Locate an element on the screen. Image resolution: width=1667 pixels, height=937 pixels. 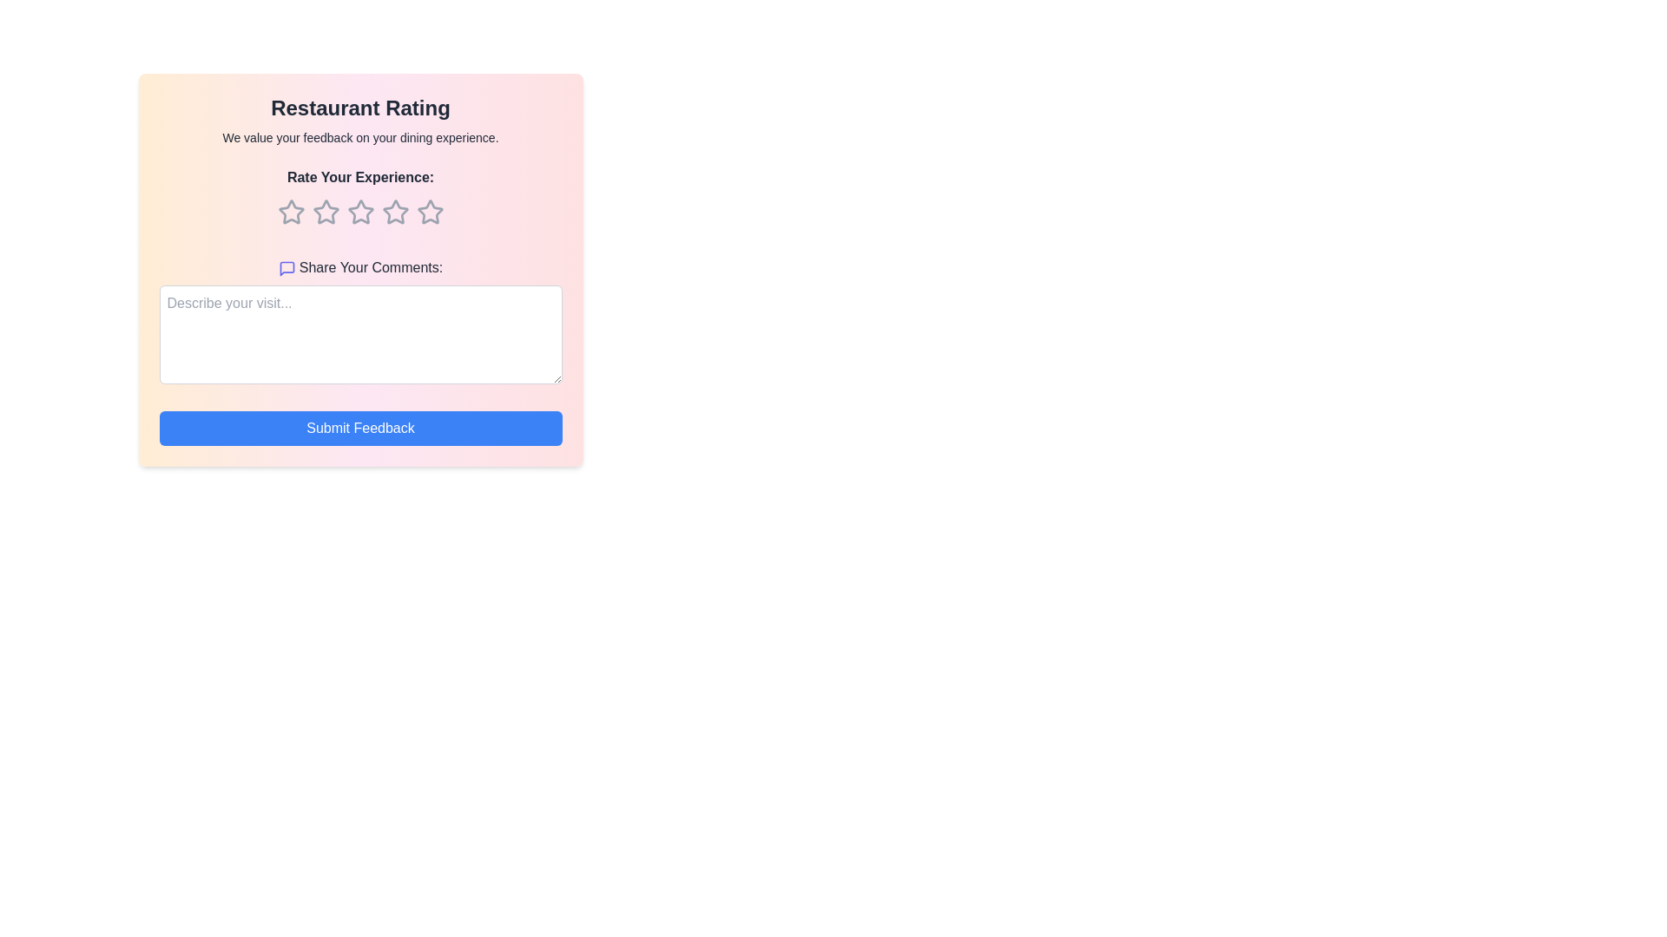
the third gray star icon with a hollow center in the 'Rate Your Experience' section is located at coordinates (359, 212).